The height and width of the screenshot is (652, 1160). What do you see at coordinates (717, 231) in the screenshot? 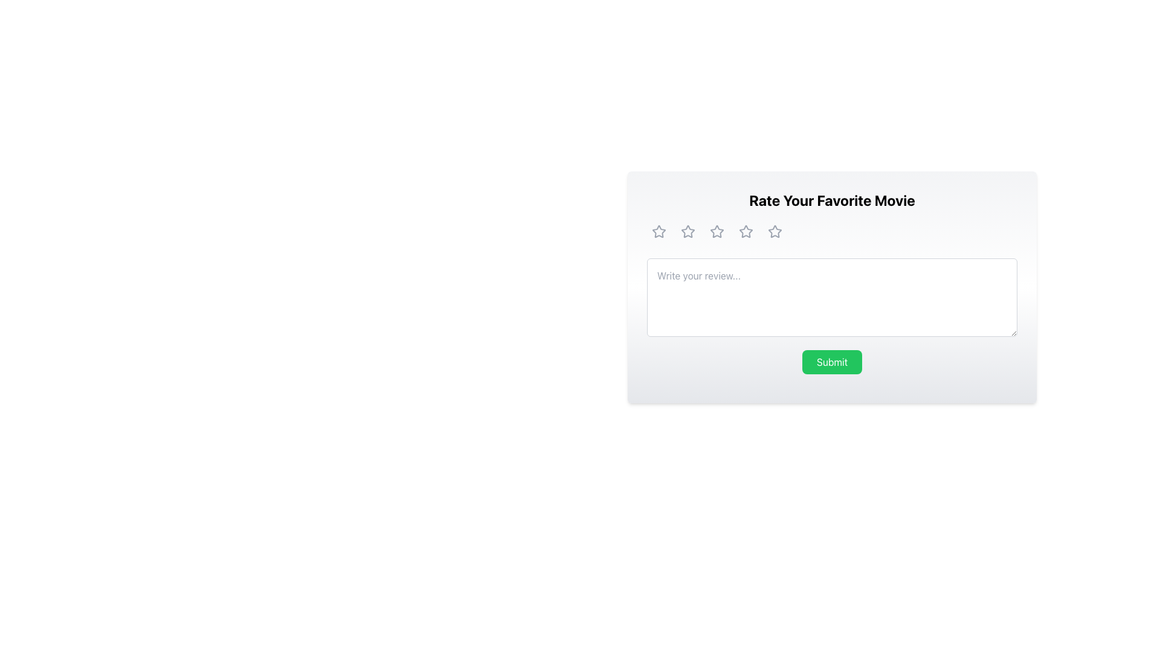
I see `the second star icon in the rating system` at bounding box center [717, 231].